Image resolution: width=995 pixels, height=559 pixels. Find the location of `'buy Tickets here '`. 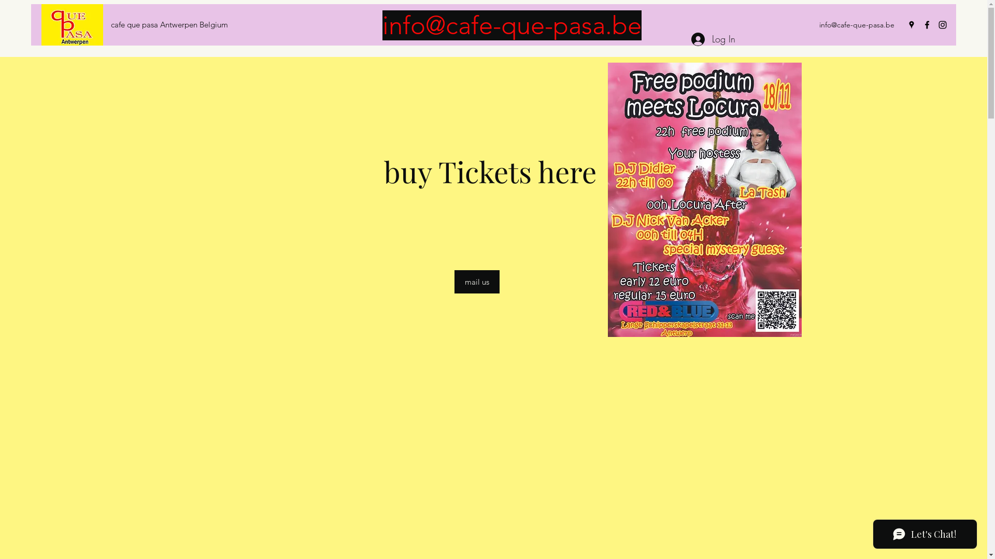

'buy Tickets here ' is located at coordinates (382, 170).